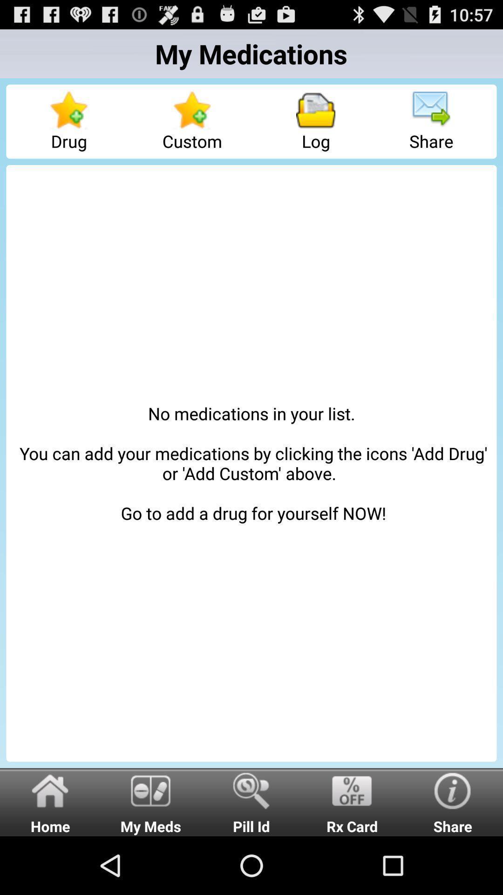  What do you see at coordinates (50, 801) in the screenshot?
I see `icon below no medications in icon` at bounding box center [50, 801].